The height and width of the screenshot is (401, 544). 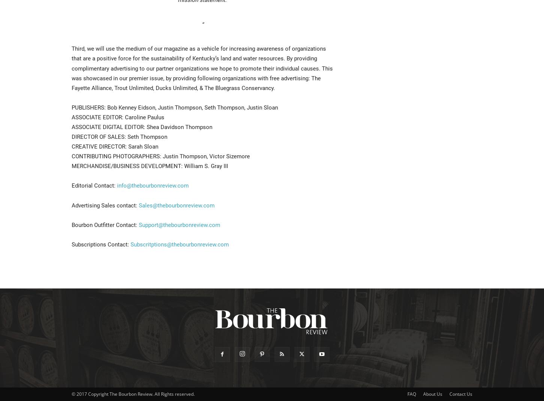 What do you see at coordinates (141, 127) in the screenshot?
I see `'ASSOCIATE DIGITAL EDITOR: Shea Davidson Thompson'` at bounding box center [141, 127].